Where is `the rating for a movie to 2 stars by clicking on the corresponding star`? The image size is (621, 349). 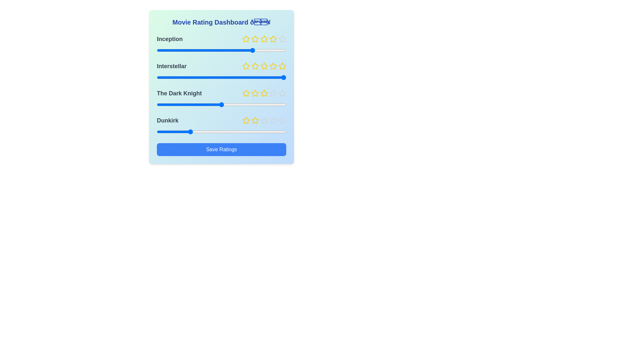 the rating for a movie to 2 stars by clicking on the corresponding star is located at coordinates (255, 39).